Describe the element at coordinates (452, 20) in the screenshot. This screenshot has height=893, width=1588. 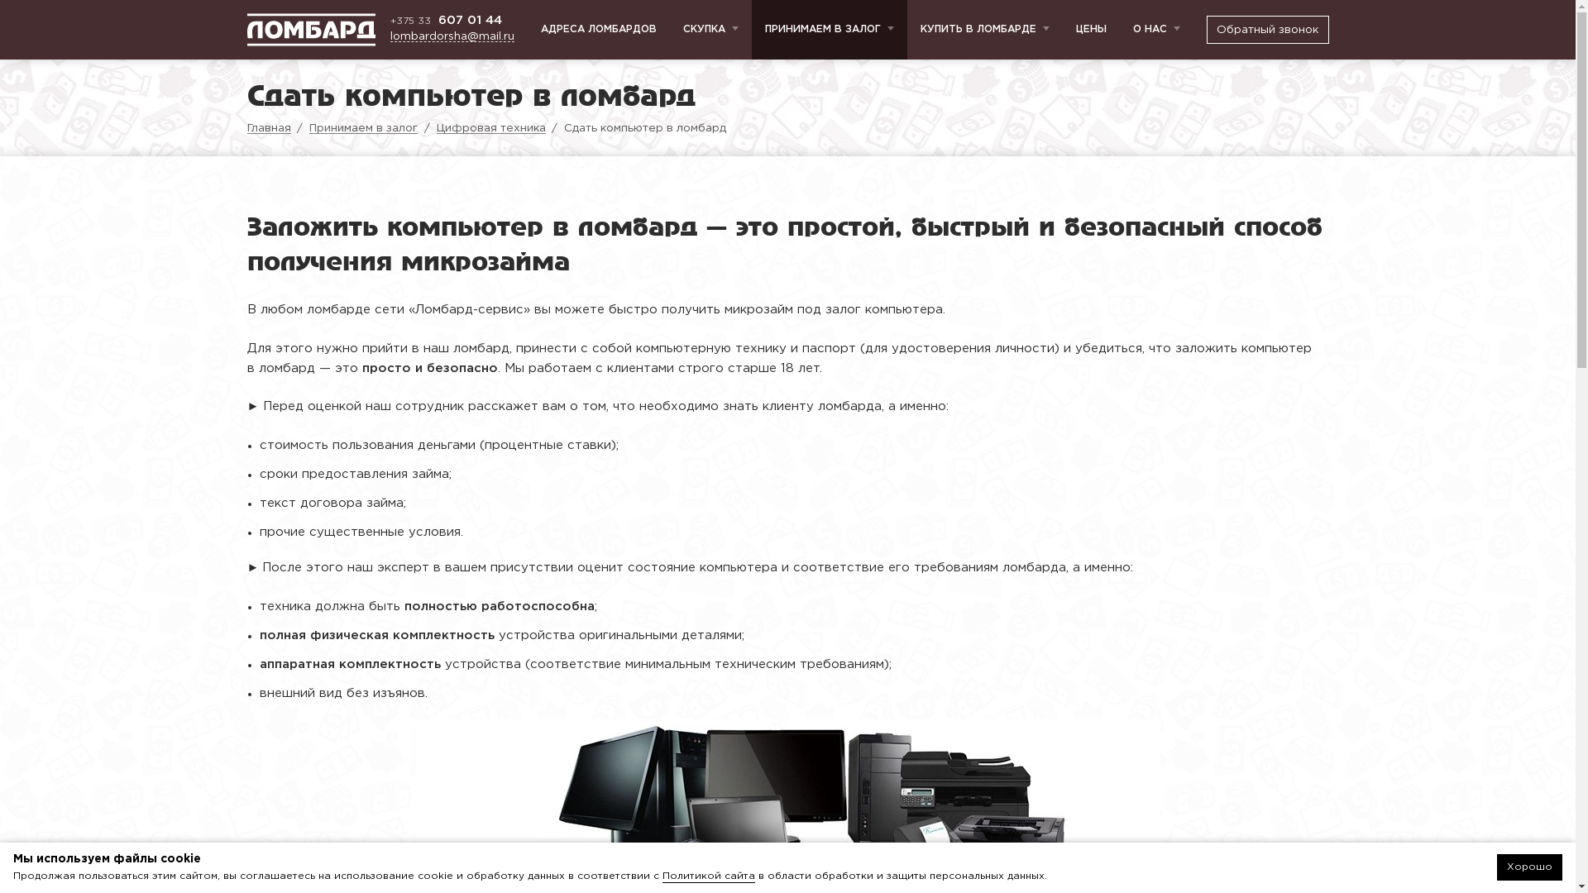
I see `'+375 33 607 01 44'` at that location.